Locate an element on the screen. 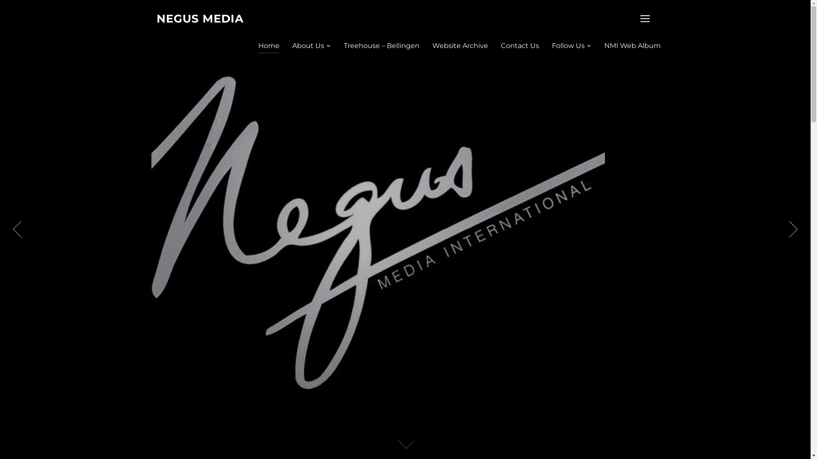 The height and width of the screenshot is (459, 817). 'NMI Web Album' is located at coordinates (632, 45).